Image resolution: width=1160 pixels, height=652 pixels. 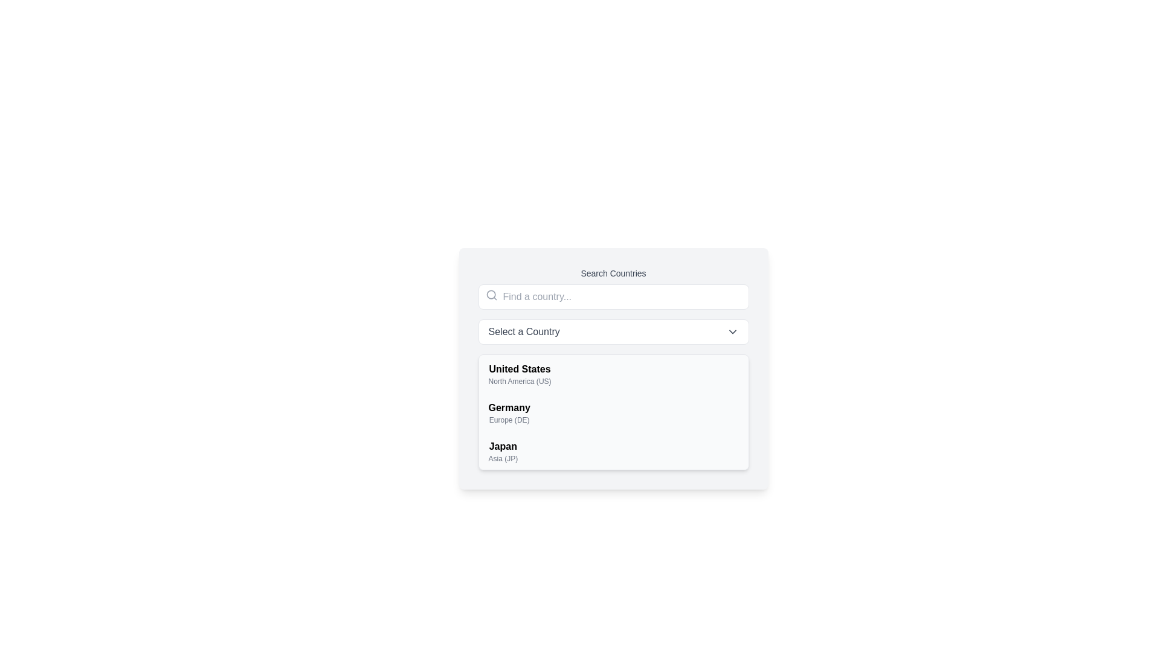 I want to click on the list item containing the text 'GermanyEurope (DE)', so click(x=509, y=412).